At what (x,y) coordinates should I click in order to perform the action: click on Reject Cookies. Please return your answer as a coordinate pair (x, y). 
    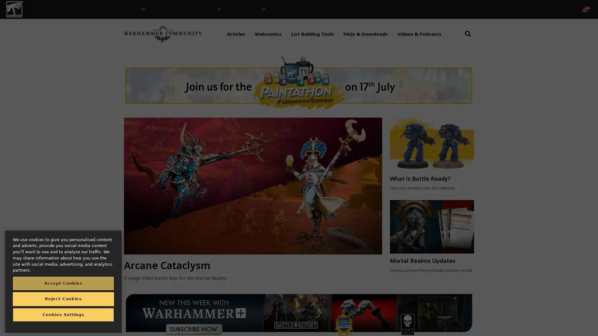
    Looking at the image, I should click on (63, 298).